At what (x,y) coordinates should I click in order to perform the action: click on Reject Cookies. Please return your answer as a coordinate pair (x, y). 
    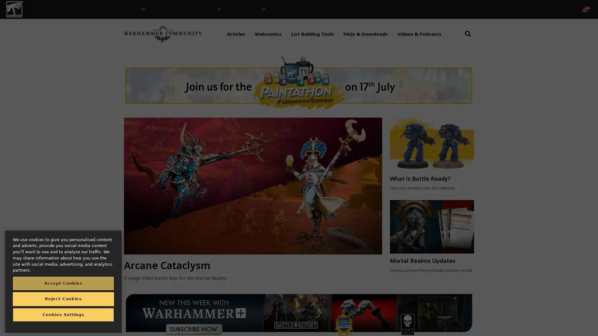
    Looking at the image, I should click on (63, 298).